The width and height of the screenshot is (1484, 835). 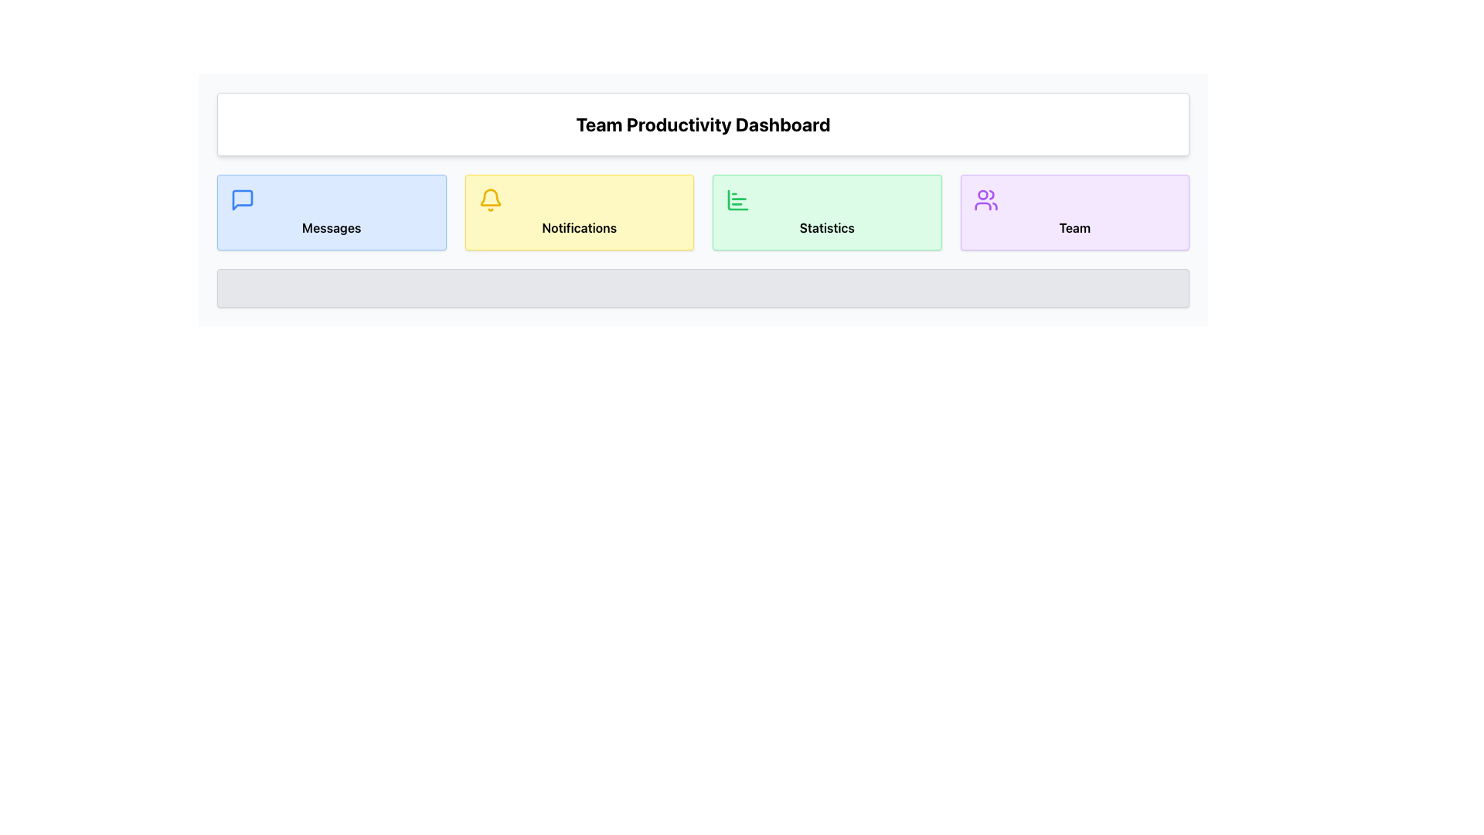 What do you see at coordinates (241, 199) in the screenshot?
I see `the 'Messages' icon, which is located inside the light blue rectangular area at the far-left of the top row of main sections` at bounding box center [241, 199].